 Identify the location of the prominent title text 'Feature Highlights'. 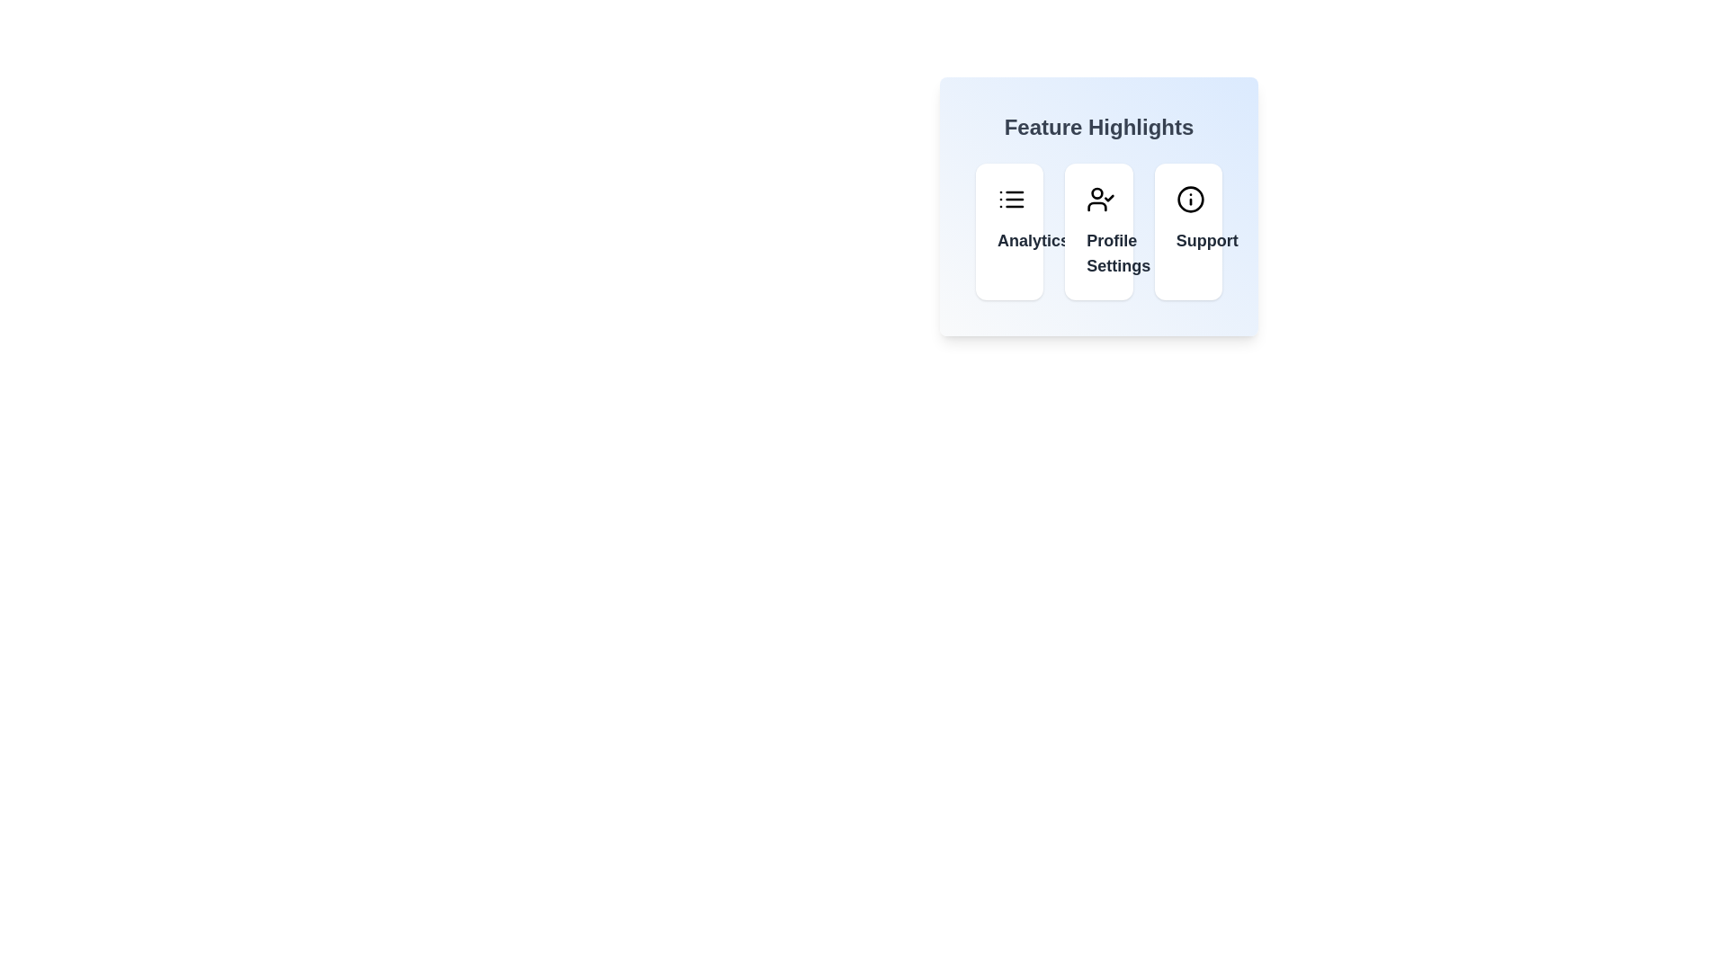
(1098, 127).